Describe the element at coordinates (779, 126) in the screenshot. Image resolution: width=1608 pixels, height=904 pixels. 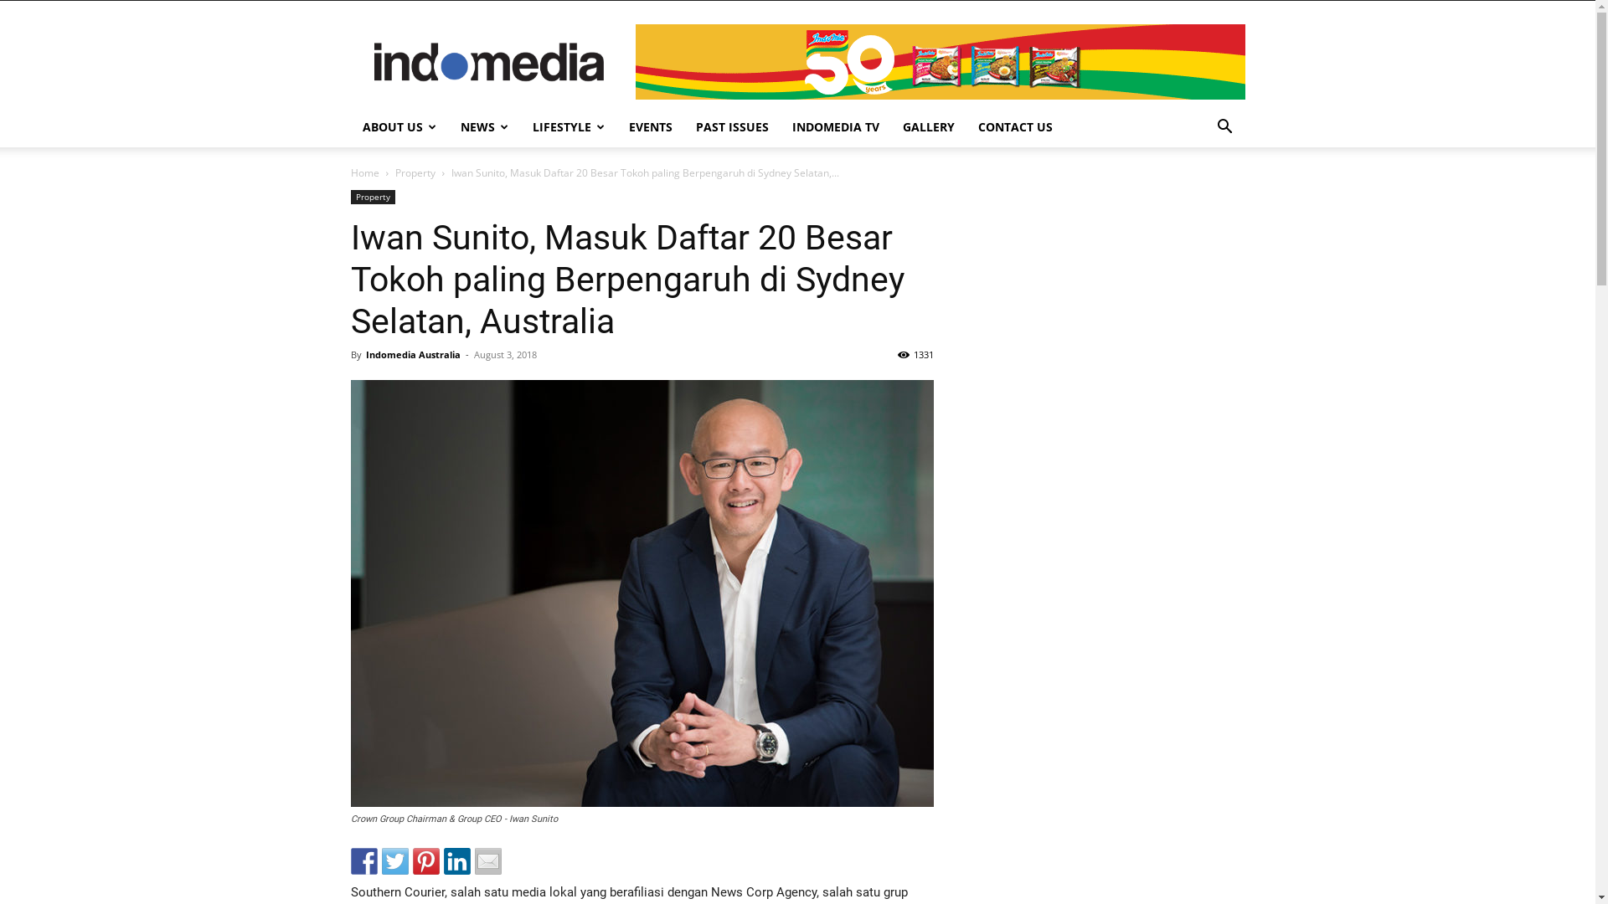
I see `'INDOMEDIA TV'` at that location.